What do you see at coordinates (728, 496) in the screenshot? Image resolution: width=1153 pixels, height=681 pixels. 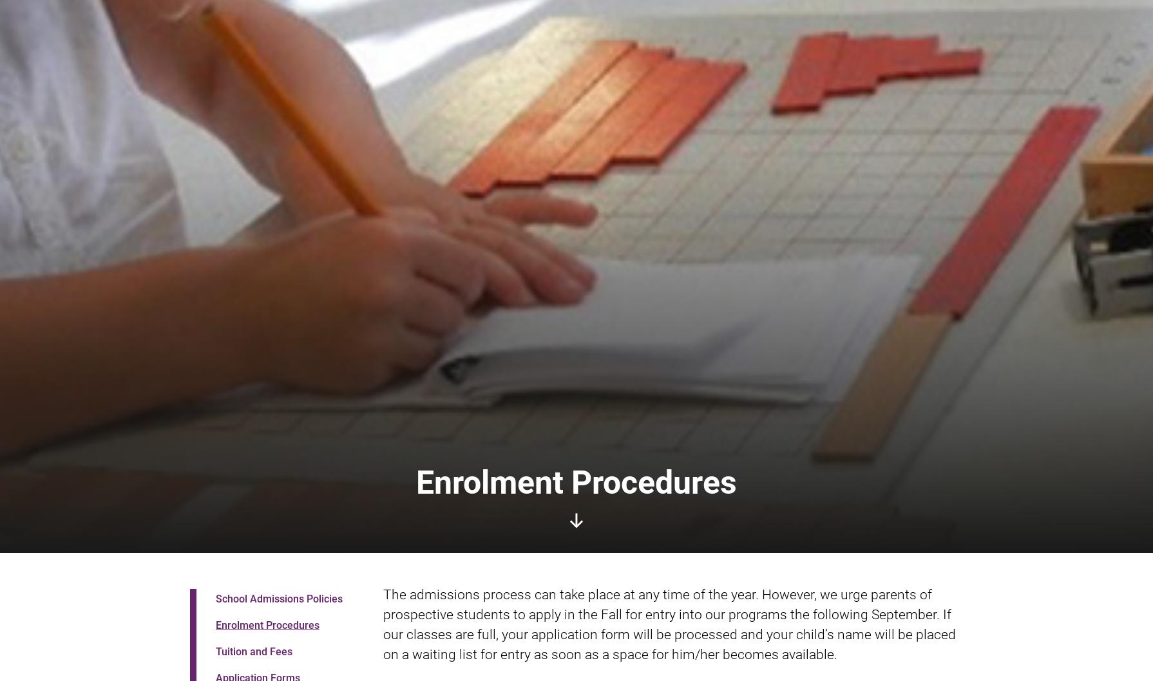 I see `'gmsinfo@glebemontessori.ca'` at bounding box center [728, 496].